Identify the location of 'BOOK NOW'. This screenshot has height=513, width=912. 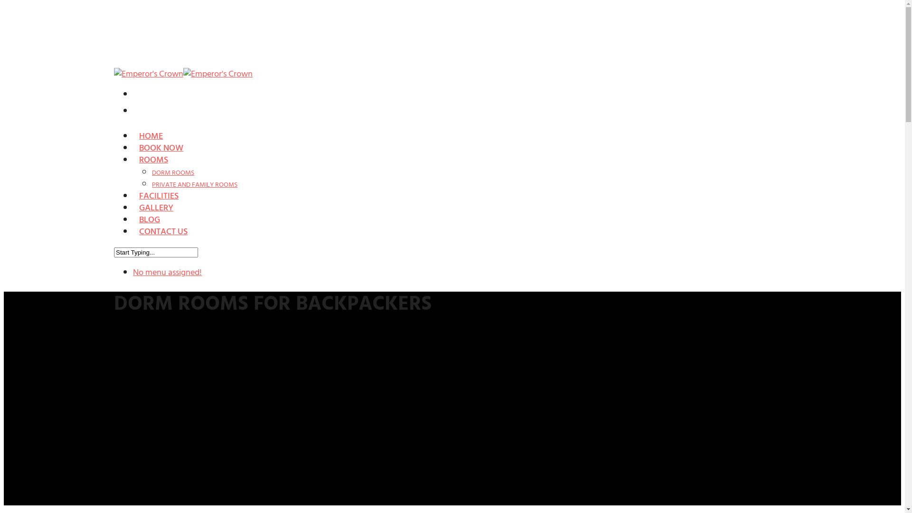
(132, 153).